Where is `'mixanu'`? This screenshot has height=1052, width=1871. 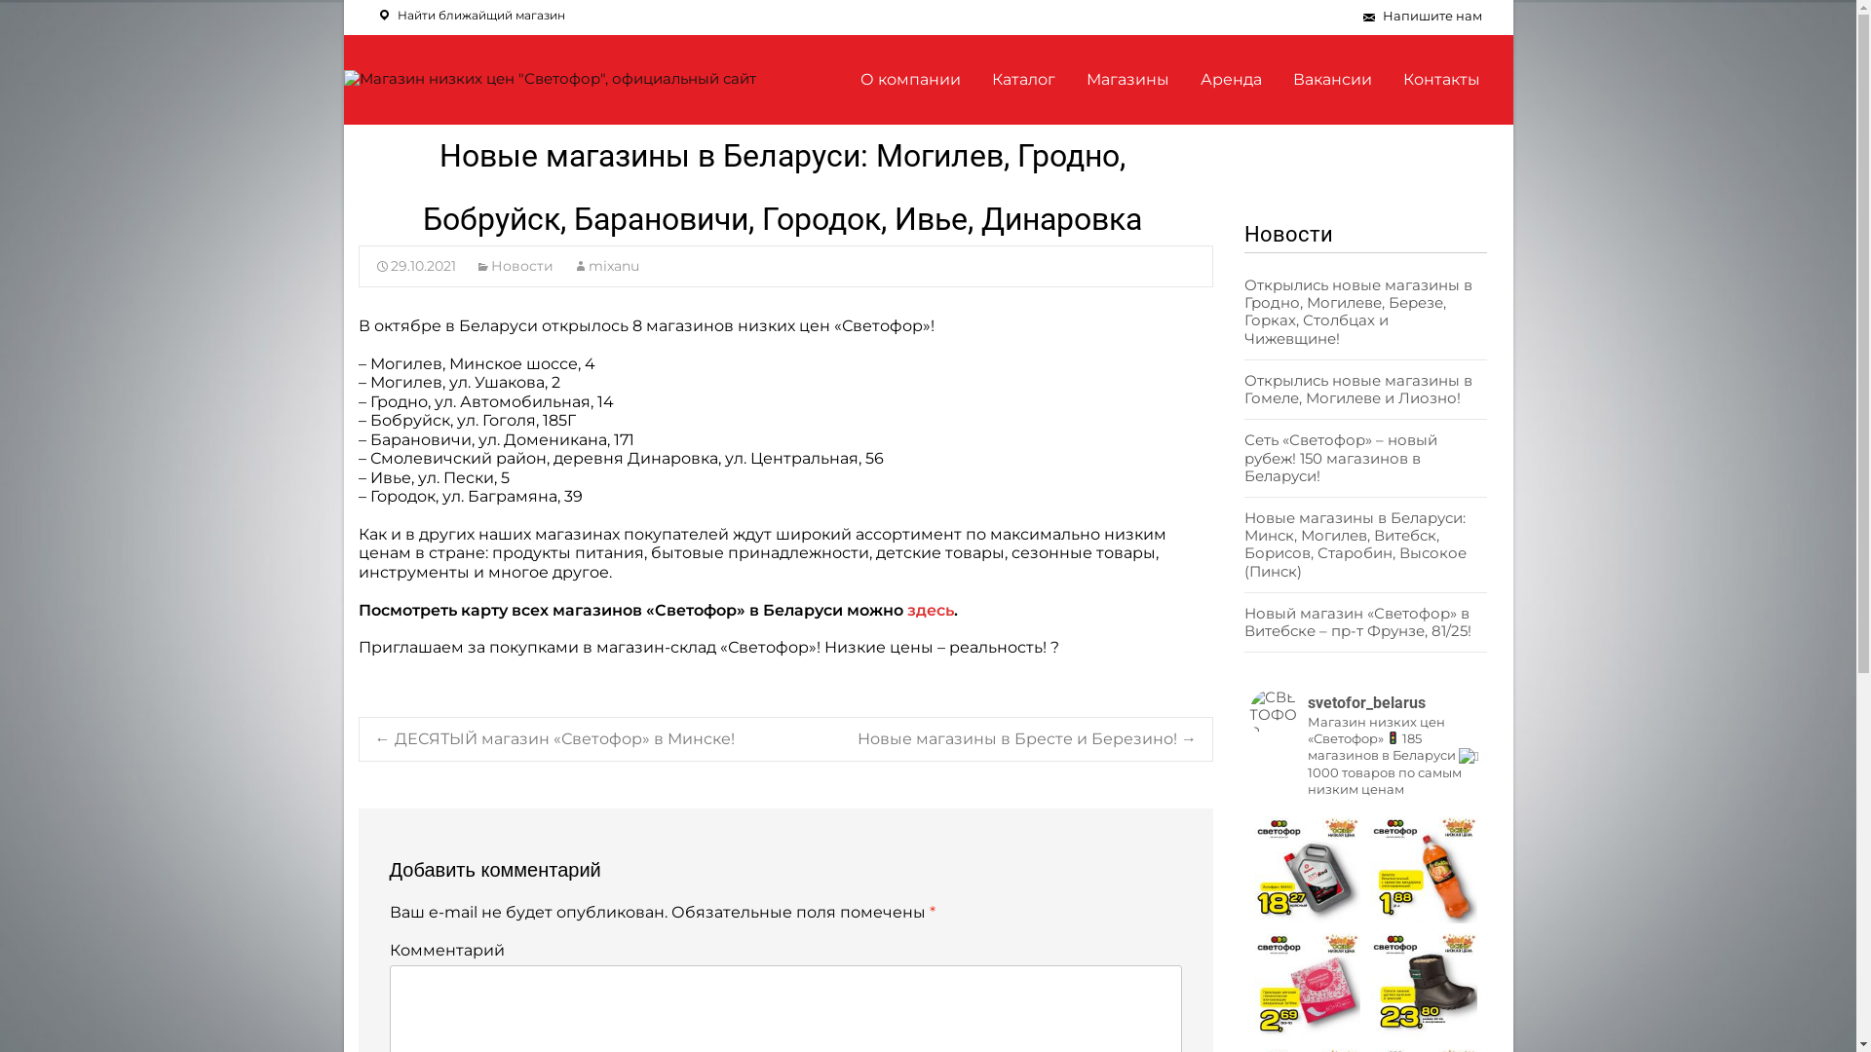
'mixanu' is located at coordinates (605, 266).